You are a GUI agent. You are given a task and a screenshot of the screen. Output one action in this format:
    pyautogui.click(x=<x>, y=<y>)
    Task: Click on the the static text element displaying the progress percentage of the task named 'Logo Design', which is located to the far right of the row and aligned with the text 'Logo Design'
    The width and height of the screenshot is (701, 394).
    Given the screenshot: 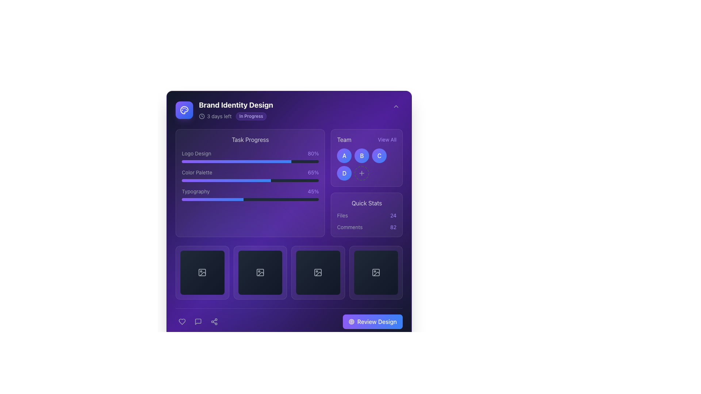 What is the action you would take?
    pyautogui.click(x=313, y=153)
    